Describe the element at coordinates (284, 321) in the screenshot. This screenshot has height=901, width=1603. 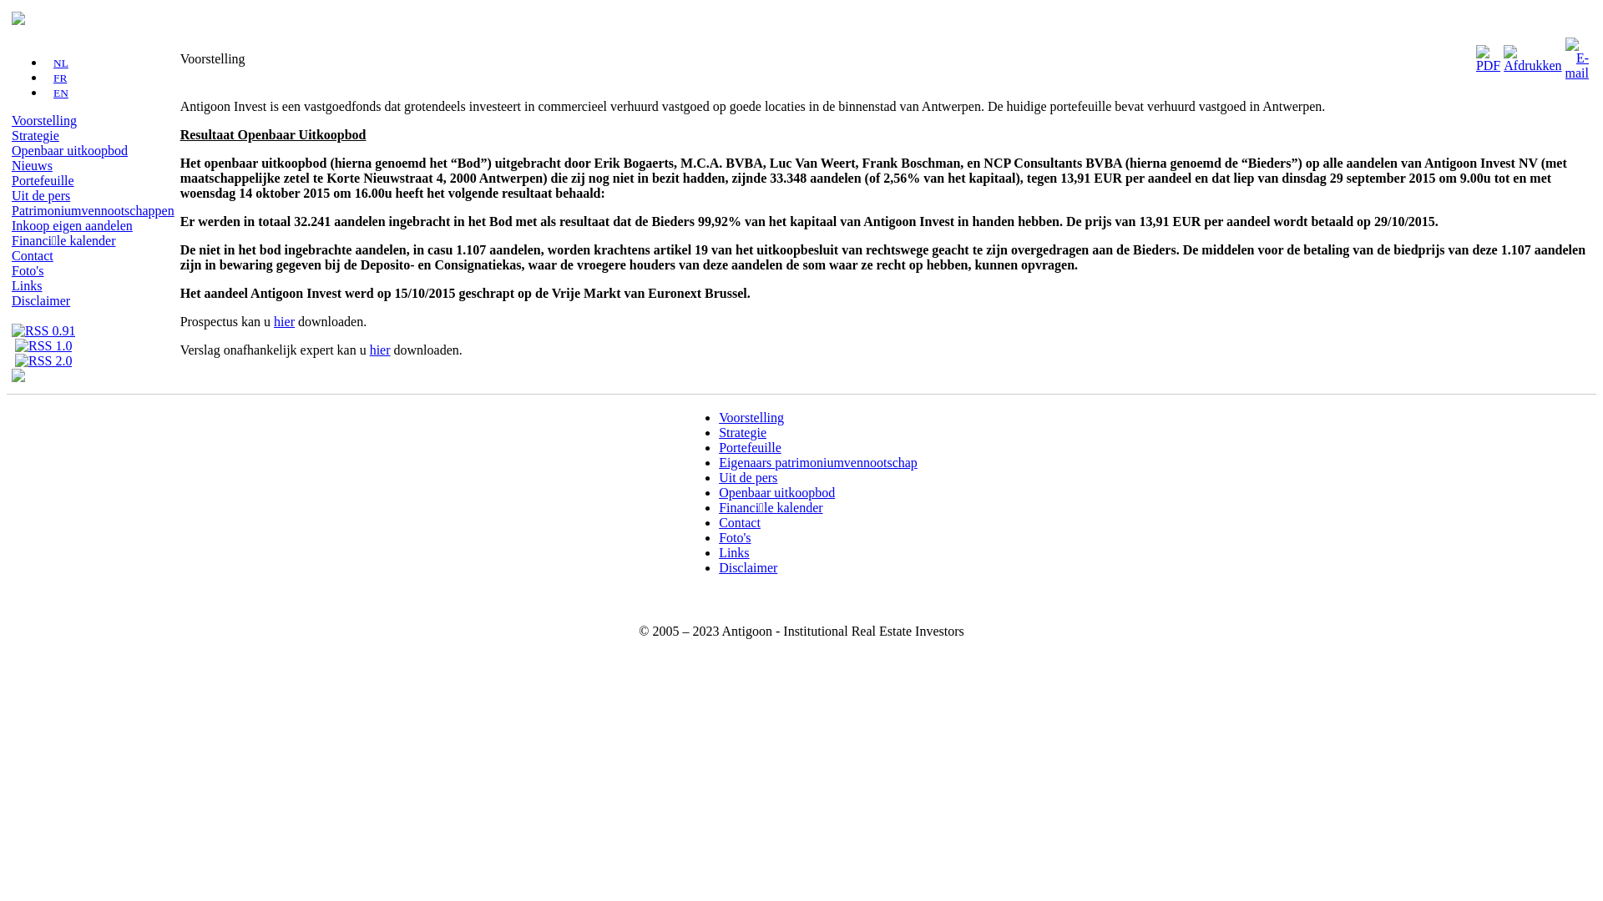
I see `'hier'` at that location.